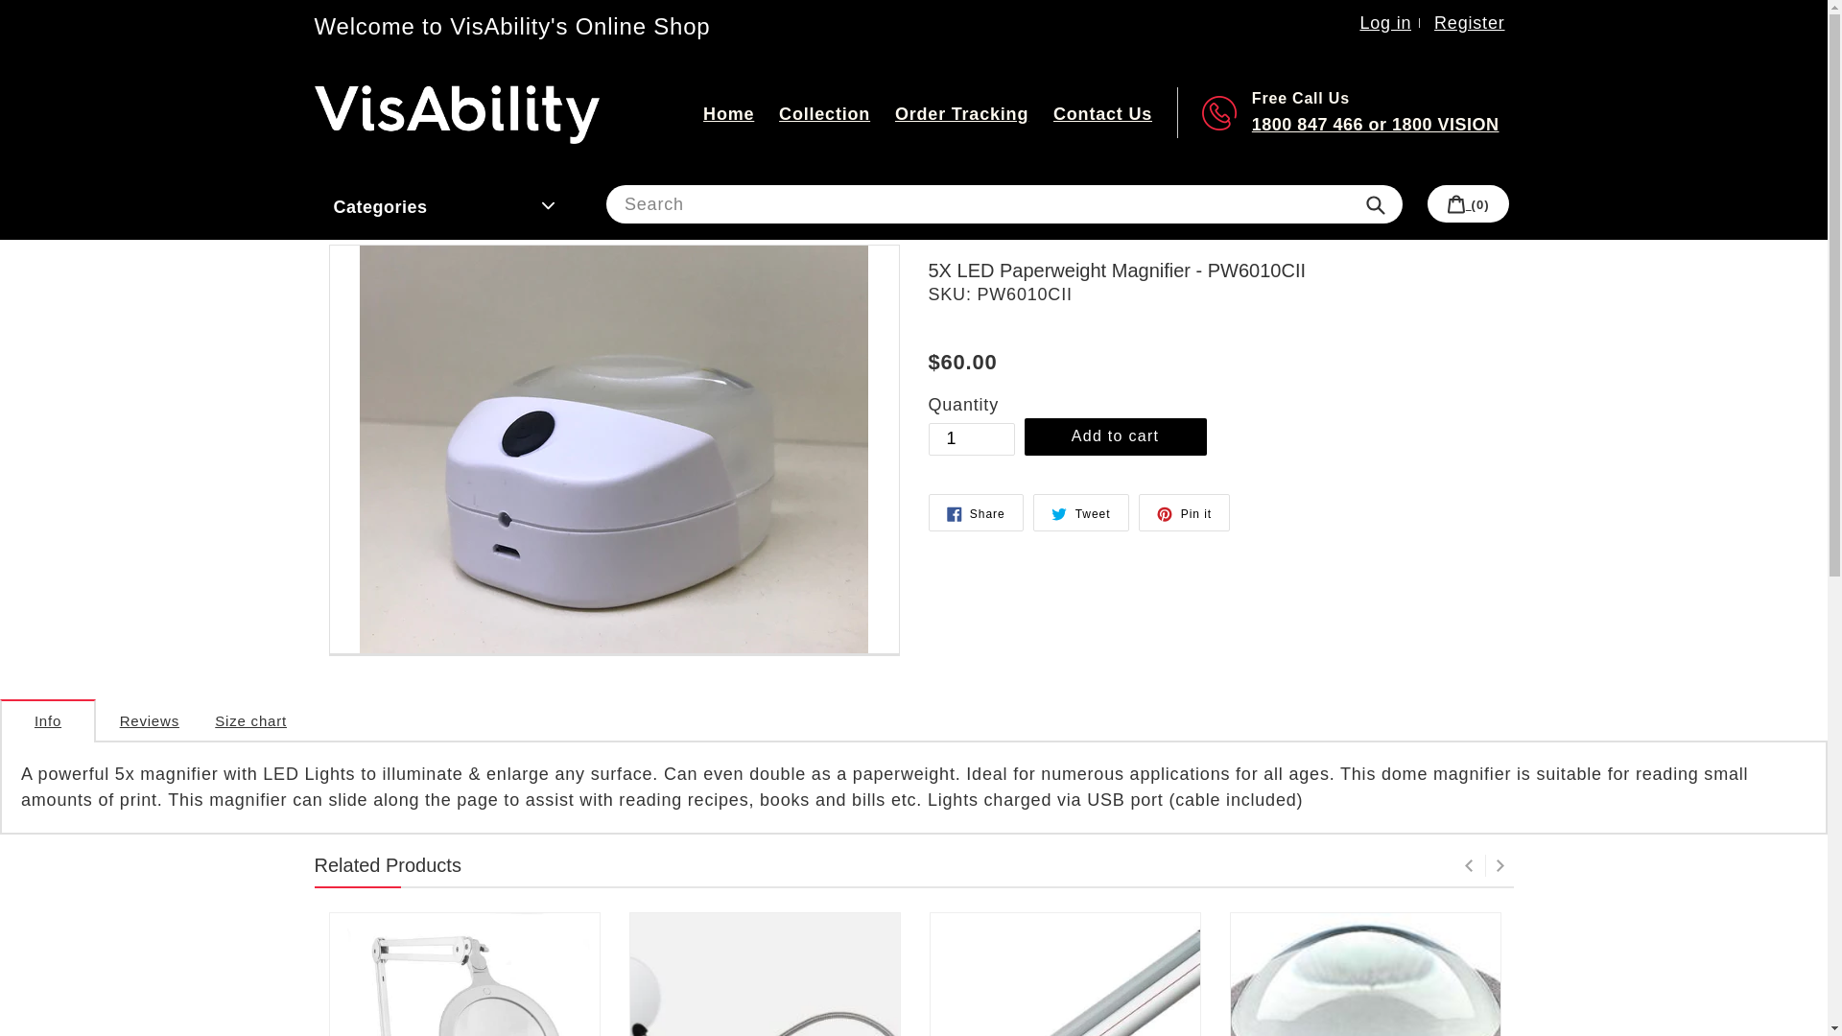 This screenshot has height=1036, width=1842. I want to click on 'Submit', so click(1374, 203).